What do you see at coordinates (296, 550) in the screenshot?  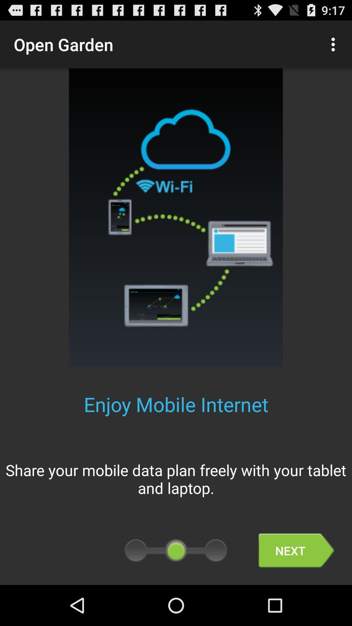 I see `the next item` at bounding box center [296, 550].